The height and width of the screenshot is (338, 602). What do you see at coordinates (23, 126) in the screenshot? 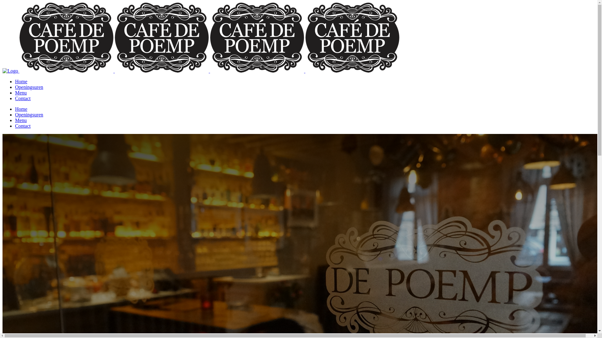
I see `'Contact'` at bounding box center [23, 126].